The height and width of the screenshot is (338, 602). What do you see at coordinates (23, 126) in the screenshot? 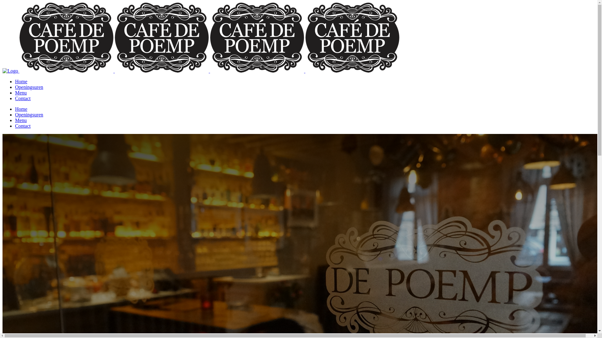
I see `'Contact'` at bounding box center [23, 126].